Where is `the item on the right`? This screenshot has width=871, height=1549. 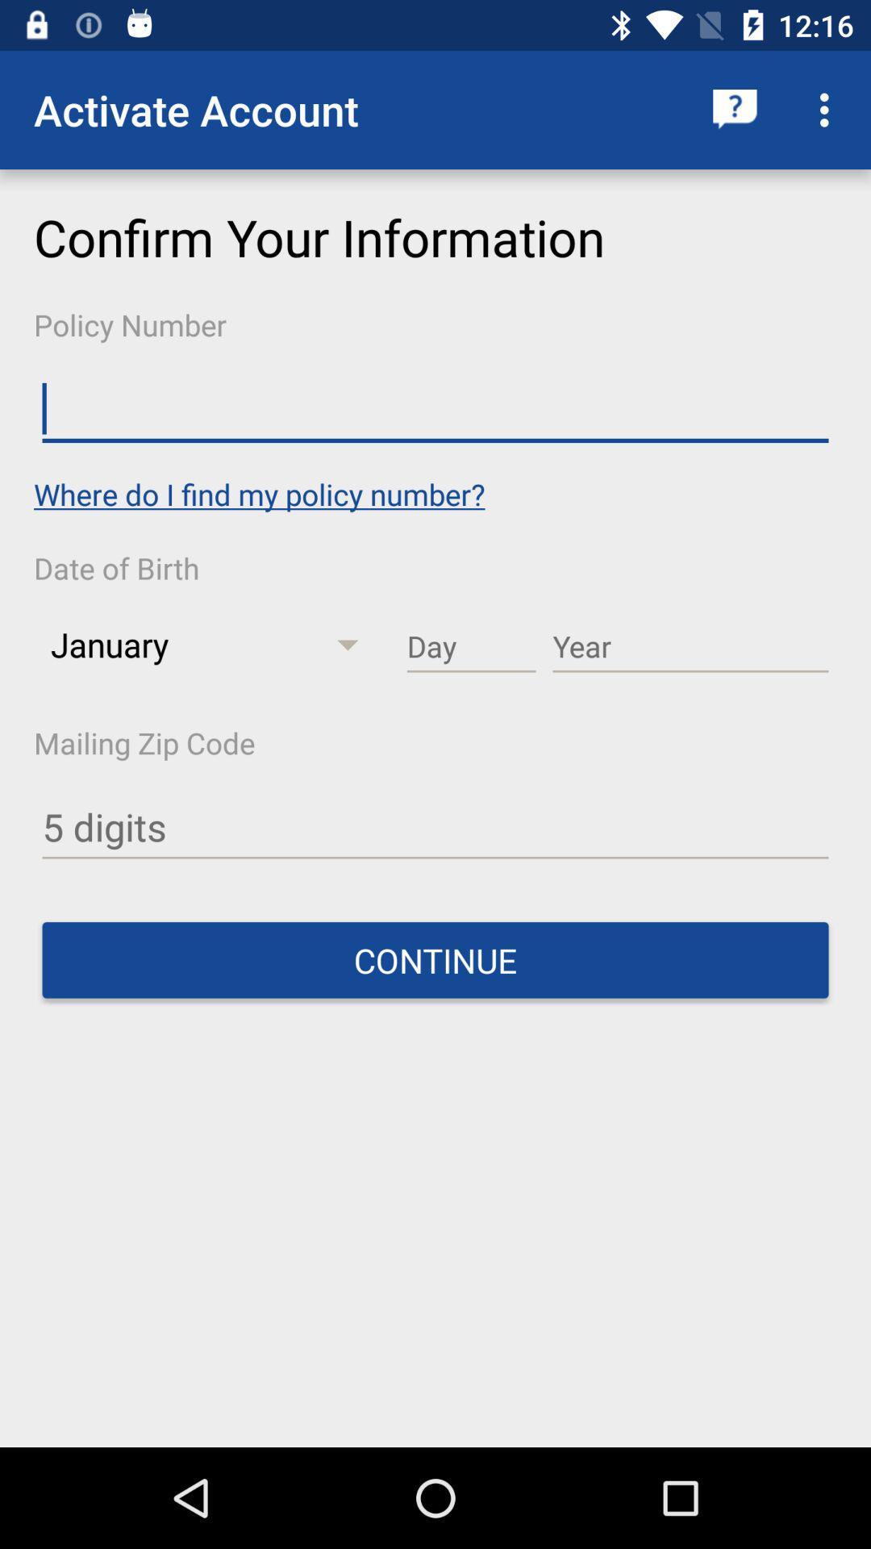
the item on the right is located at coordinates (690, 647).